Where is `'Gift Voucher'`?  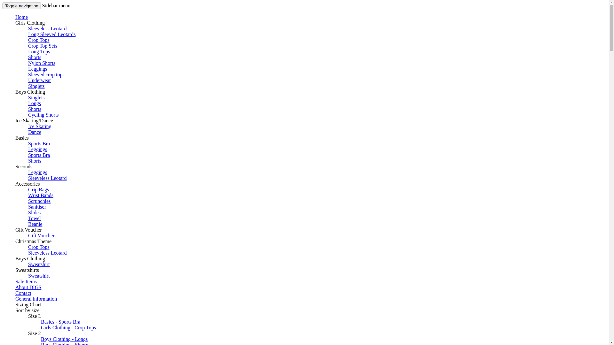
'Gift Voucher' is located at coordinates (28, 229).